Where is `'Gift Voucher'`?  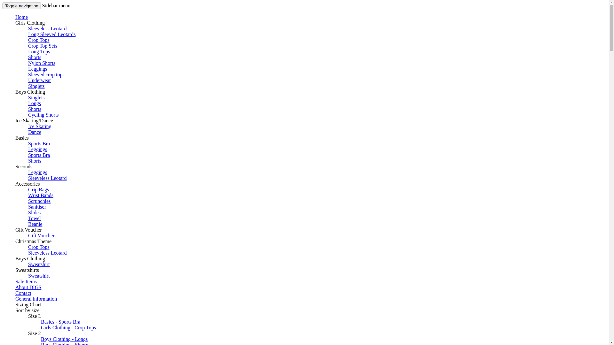
'Gift Voucher' is located at coordinates (28, 229).